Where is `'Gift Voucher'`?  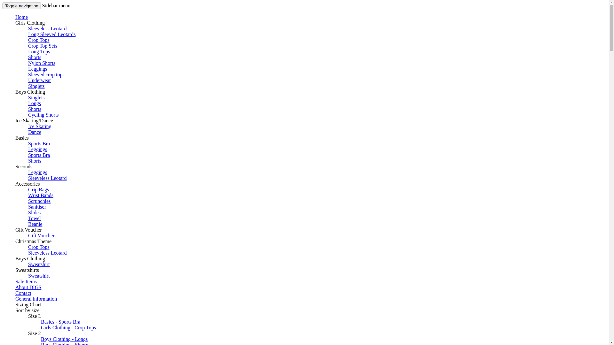
'Gift Voucher' is located at coordinates (28, 229).